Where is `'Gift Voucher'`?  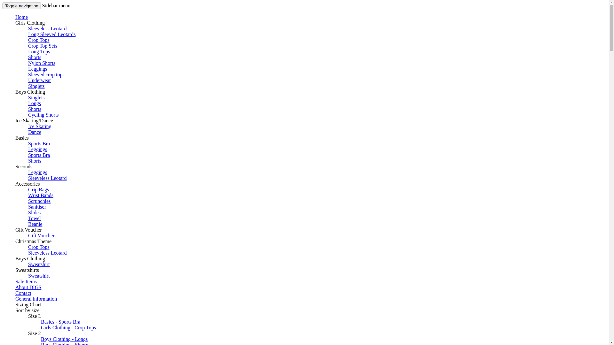
'Gift Voucher' is located at coordinates (28, 229).